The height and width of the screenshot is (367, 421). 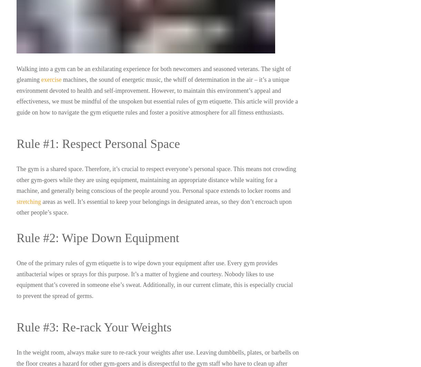 What do you see at coordinates (241, 257) in the screenshot?
I see `'Contact'` at bounding box center [241, 257].